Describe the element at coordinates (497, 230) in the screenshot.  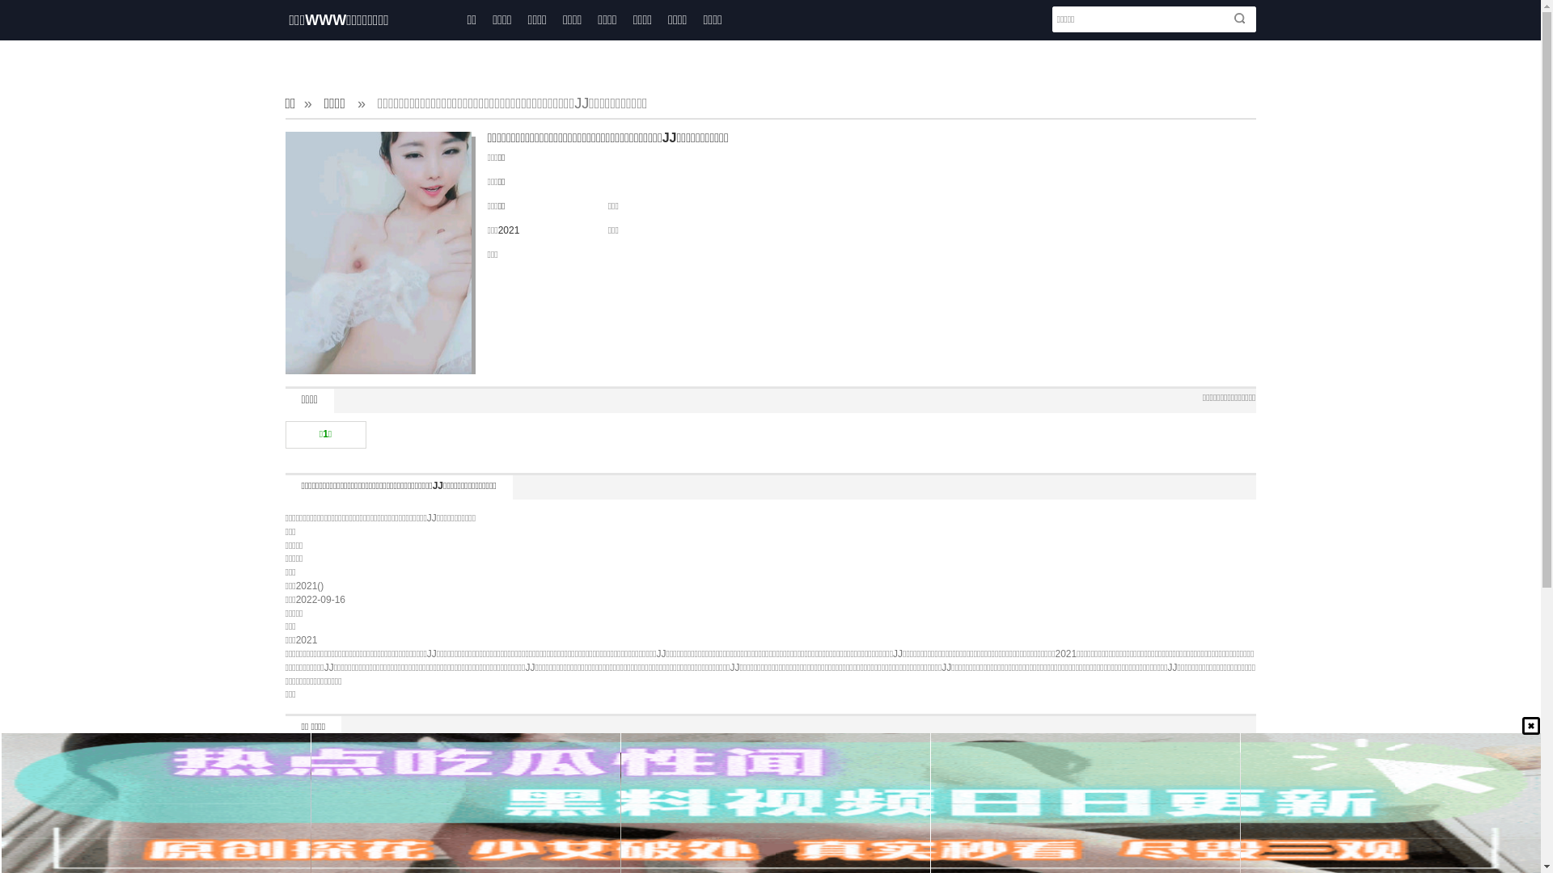
I see `'2021'` at that location.